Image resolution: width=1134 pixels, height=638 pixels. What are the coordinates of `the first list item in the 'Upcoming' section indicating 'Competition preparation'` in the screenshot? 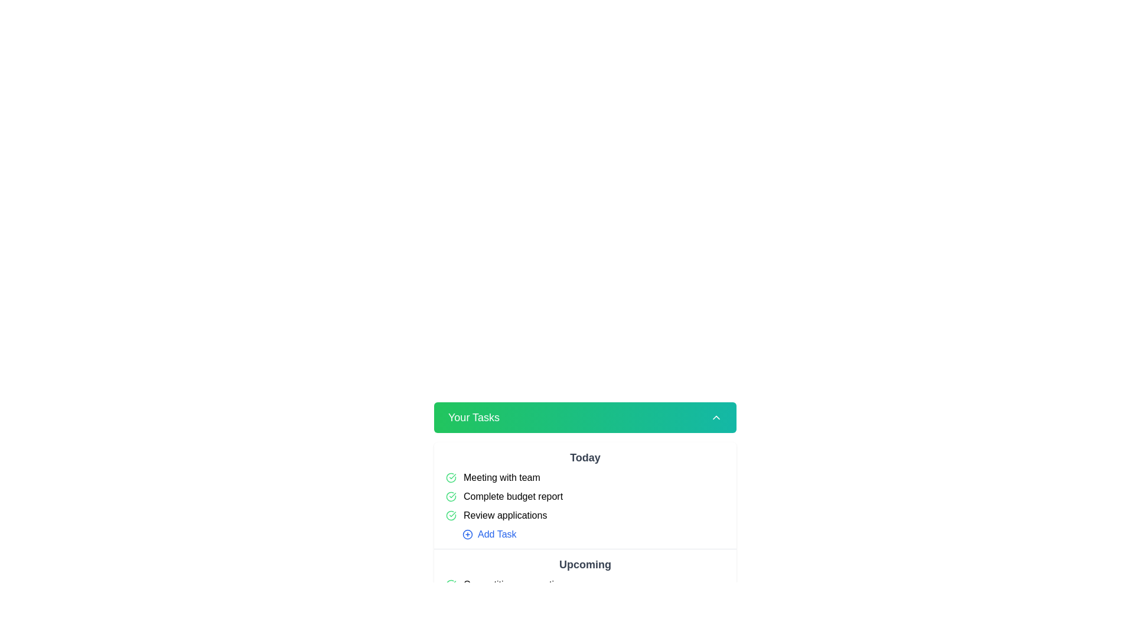 It's located at (585, 585).